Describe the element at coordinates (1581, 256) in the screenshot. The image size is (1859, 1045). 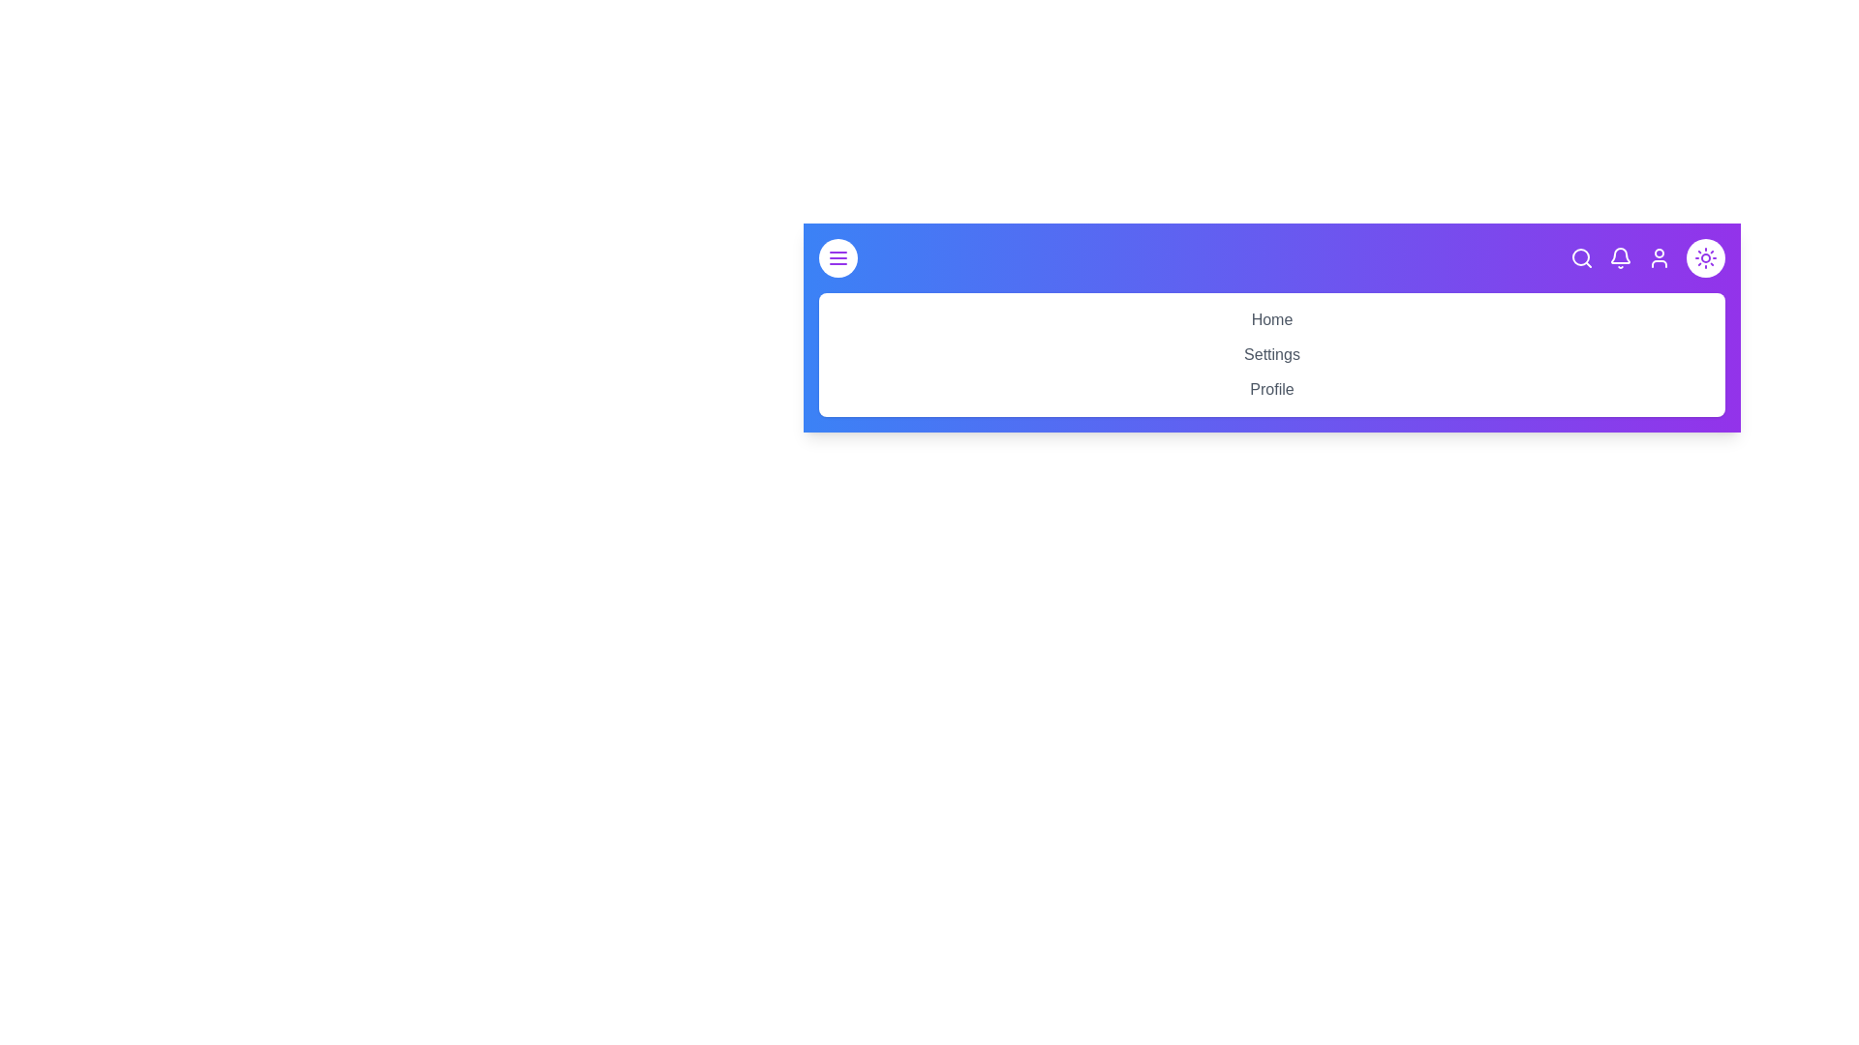
I see `the search button` at that location.